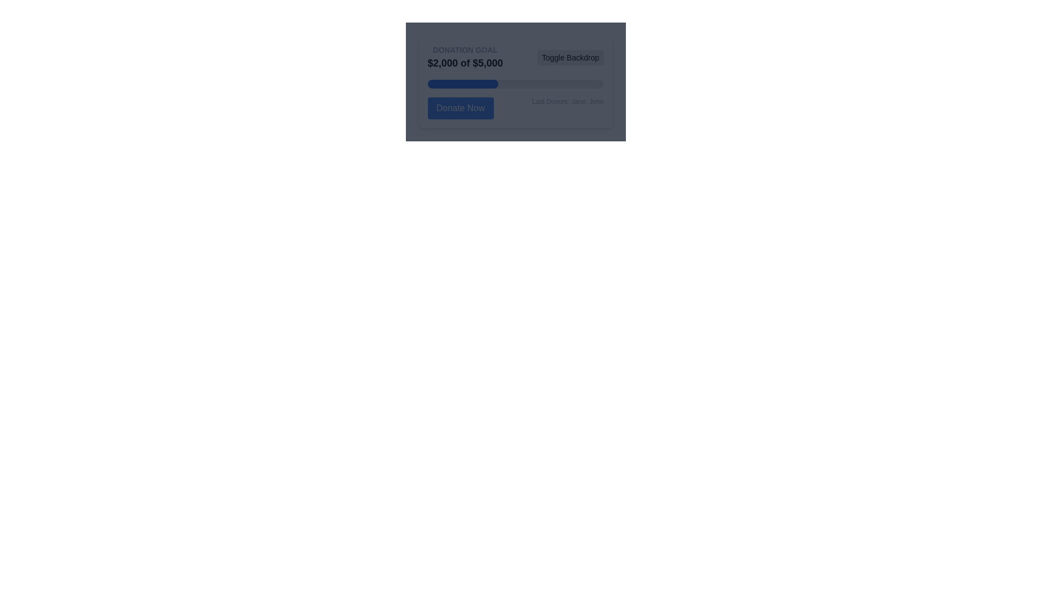 The width and height of the screenshot is (1056, 594). I want to click on the informational display that lists the most recent donors, which is positioned to the right of the 'Donate Now' button, so click(568, 108).